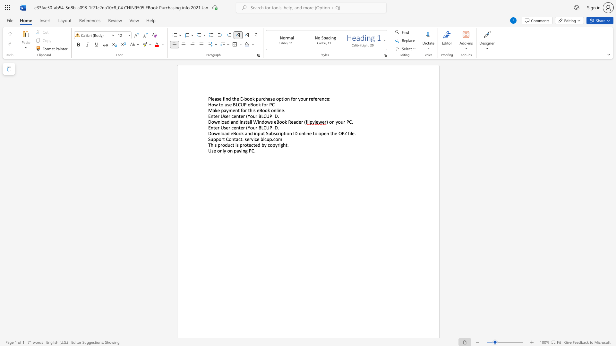 This screenshot has height=346, width=616. I want to click on the subset text "ying" within the text "Use only on paying PC.", so click(238, 151).